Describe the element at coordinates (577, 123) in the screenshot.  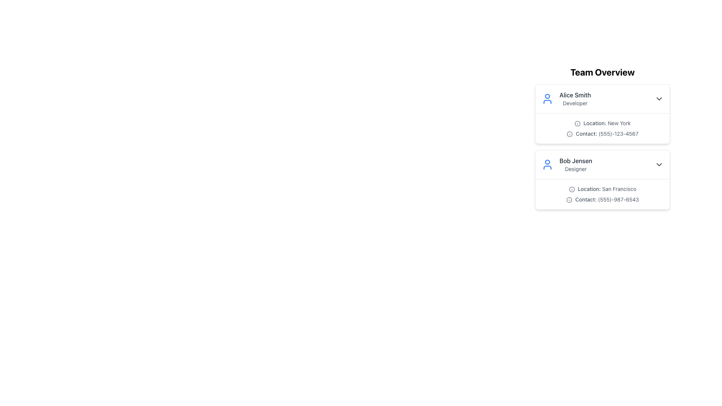
I see `the circular vector element (SVG graphical representation) located next to the text label 'Location: New York' in the user card under 'Alice Smith' in the 'Team Overview' section` at that location.